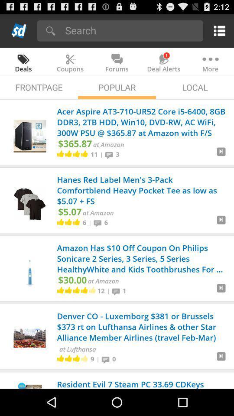 This screenshot has width=234, height=416. What do you see at coordinates (94, 154) in the screenshot?
I see `item below the $365.87 icon` at bounding box center [94, 154].